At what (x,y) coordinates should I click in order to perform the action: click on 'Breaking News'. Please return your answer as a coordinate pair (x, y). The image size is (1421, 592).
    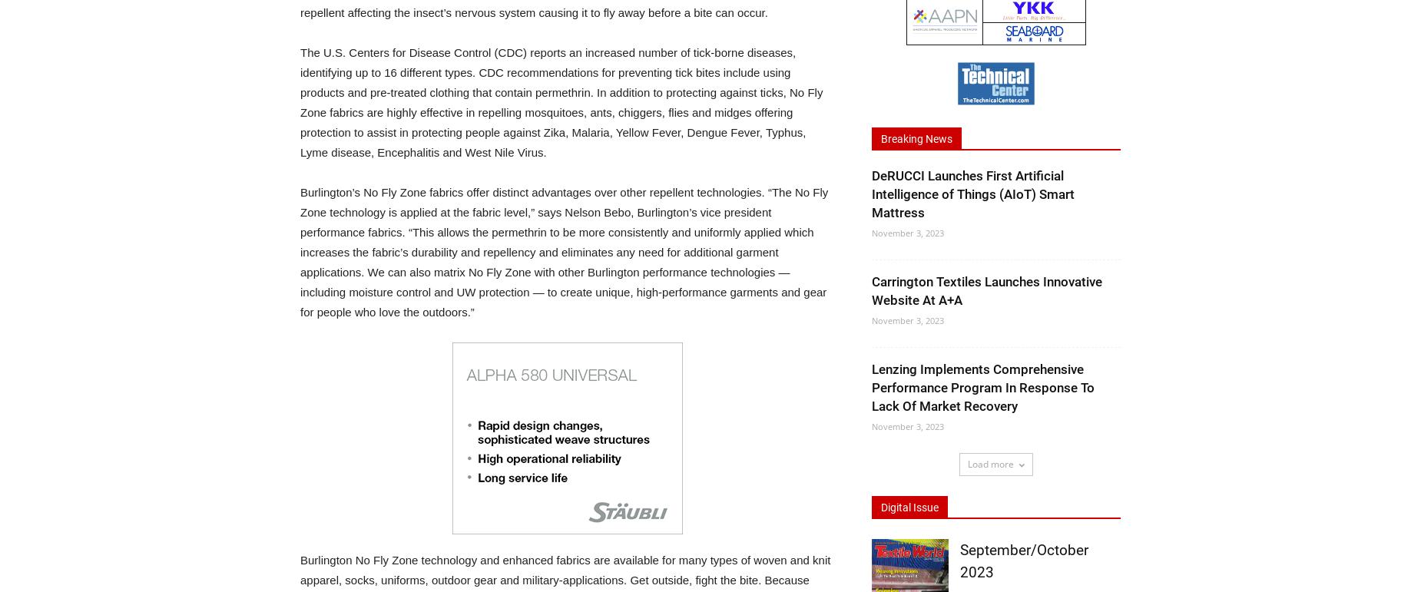
    Looking at the image, I should click on (916, 139).